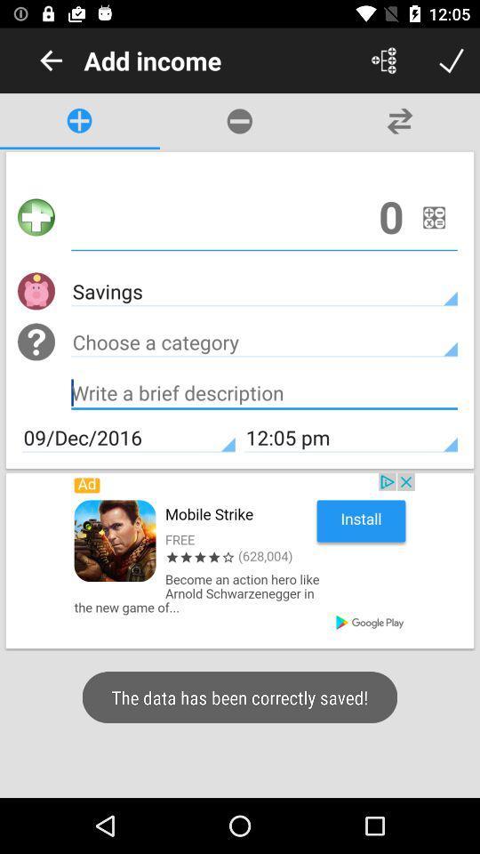 The height and width of the screenshot is (854, 480). Describe the element at coordinates (240, 560) in the screenshot. I see `advert` at that location.